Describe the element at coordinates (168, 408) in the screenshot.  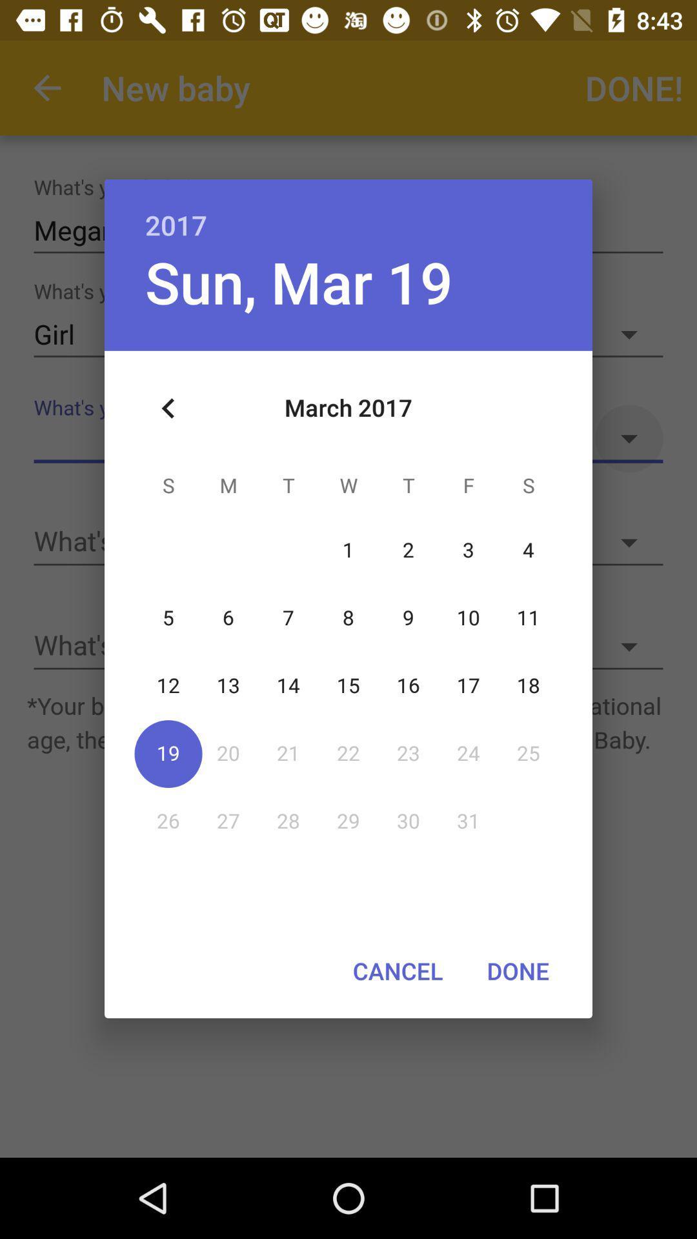
I see `icon at the top left corner` at that location.